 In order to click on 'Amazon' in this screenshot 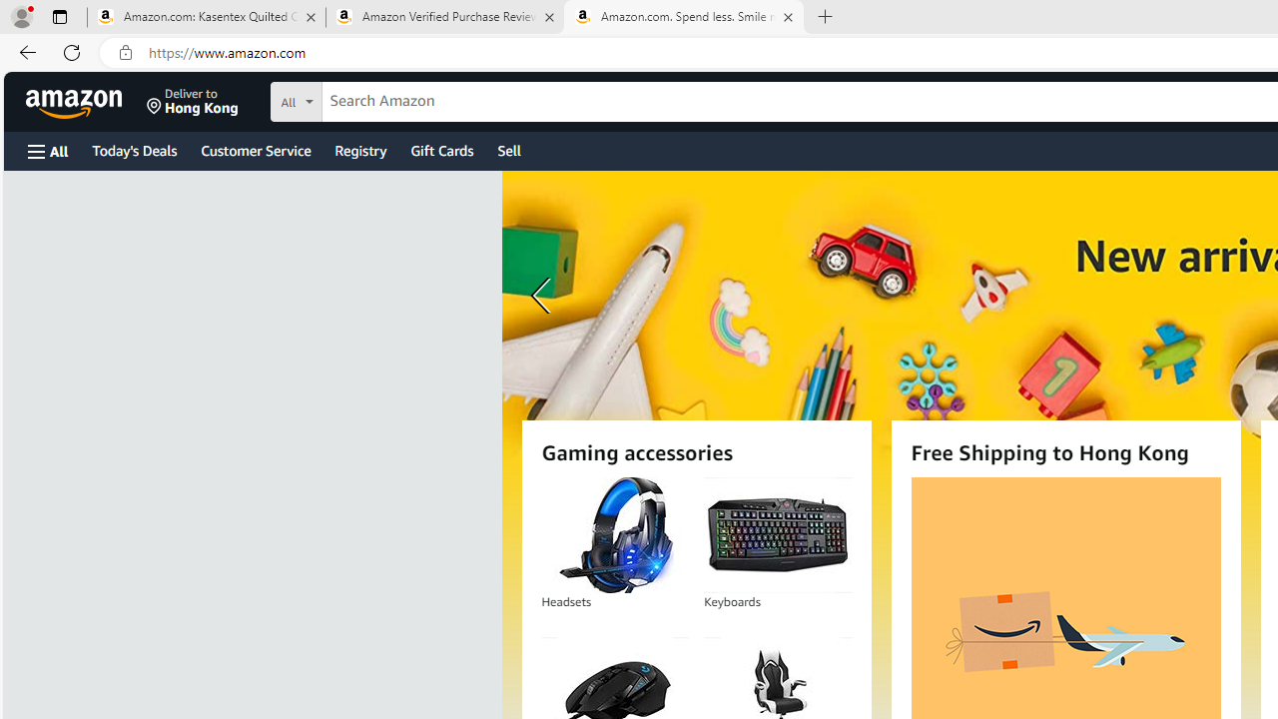, I will do `click(76, 101)`.